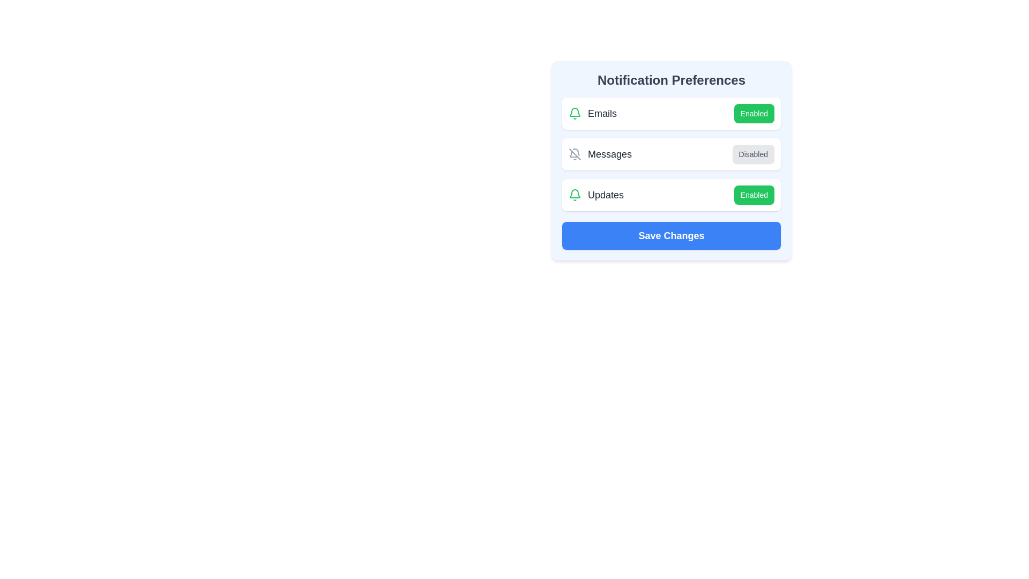 This screenshot has width=1029, height=579. Describe the element at coordinates (670, 235) in the screenshot. I see `the 'Save Changes' button to save the current notification preferences` at that location.